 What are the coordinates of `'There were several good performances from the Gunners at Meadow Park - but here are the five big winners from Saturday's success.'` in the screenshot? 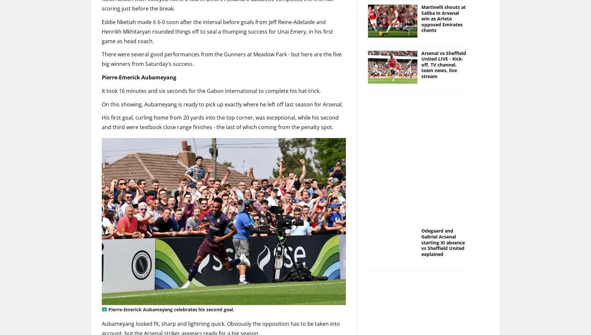 It's located at (221, 59).